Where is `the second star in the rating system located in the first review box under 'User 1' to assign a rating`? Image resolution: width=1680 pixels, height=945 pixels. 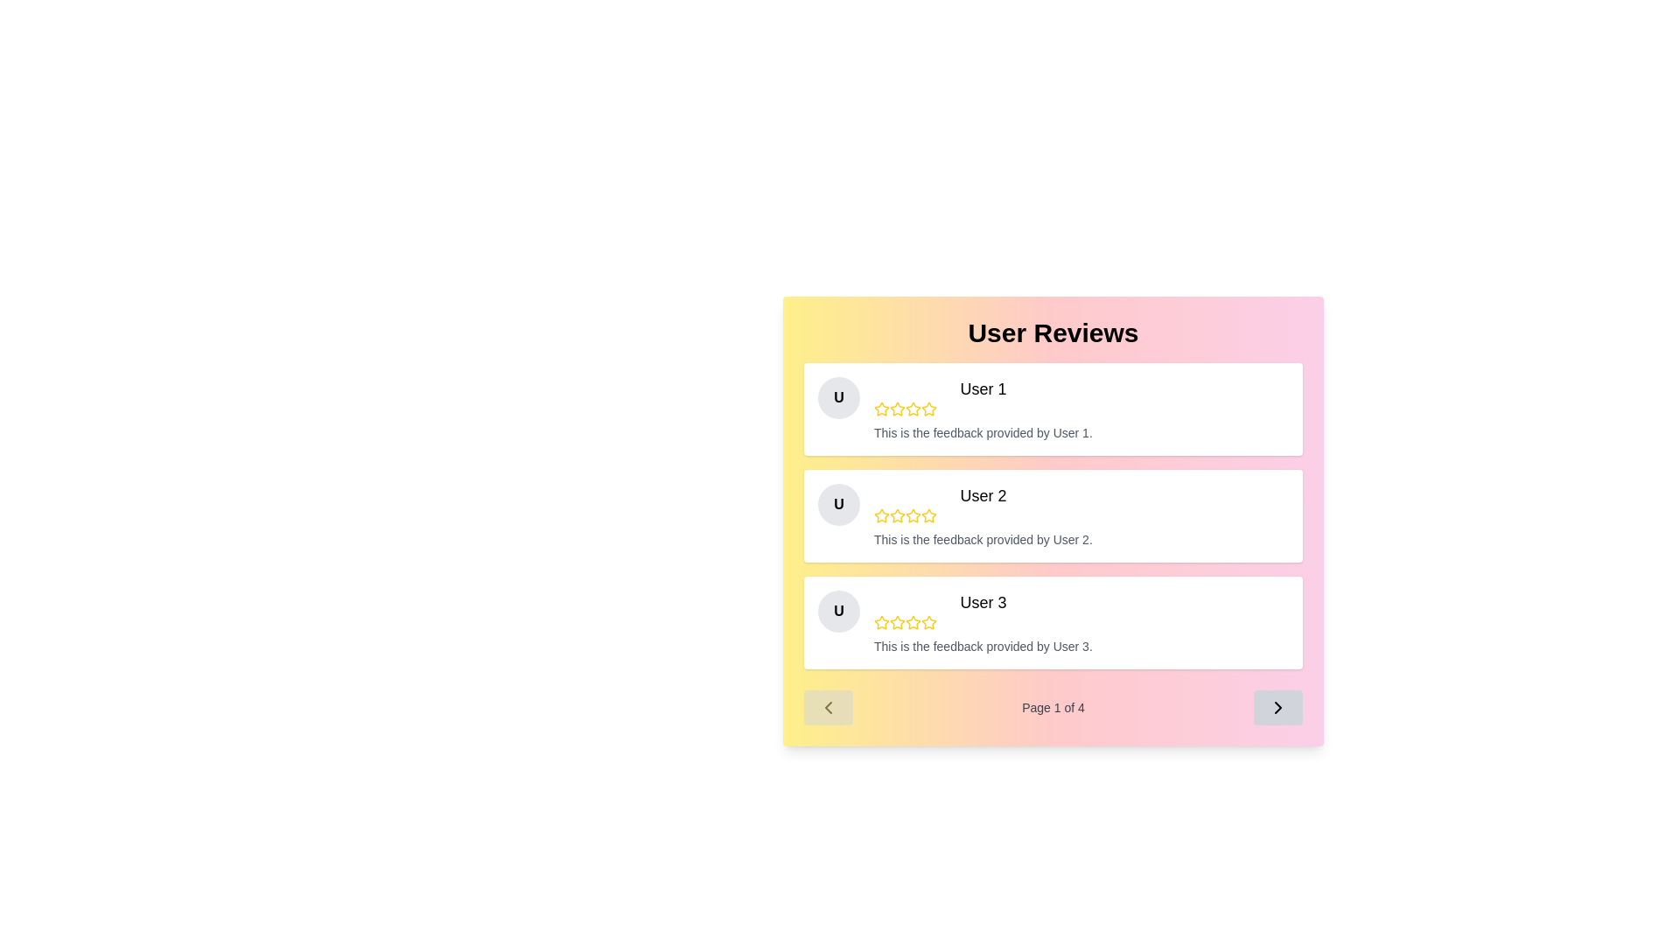 the second star in the rating system located in the first review box under 'User 1' to assign a rating is located at coordinates (983, 409).